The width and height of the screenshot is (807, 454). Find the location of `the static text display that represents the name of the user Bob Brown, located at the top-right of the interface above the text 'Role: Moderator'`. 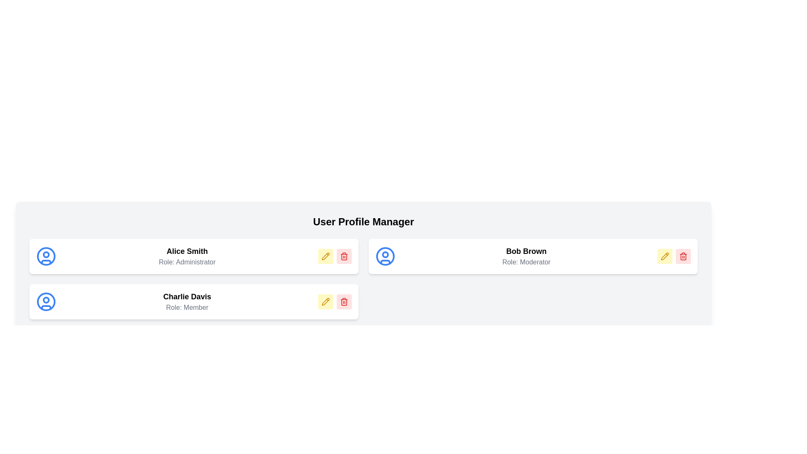

the static text display that represents the name of the user Bob Brown, located at the top-right of the interface above the text 'Role: Moderator' is located at coordinates (526, 251).